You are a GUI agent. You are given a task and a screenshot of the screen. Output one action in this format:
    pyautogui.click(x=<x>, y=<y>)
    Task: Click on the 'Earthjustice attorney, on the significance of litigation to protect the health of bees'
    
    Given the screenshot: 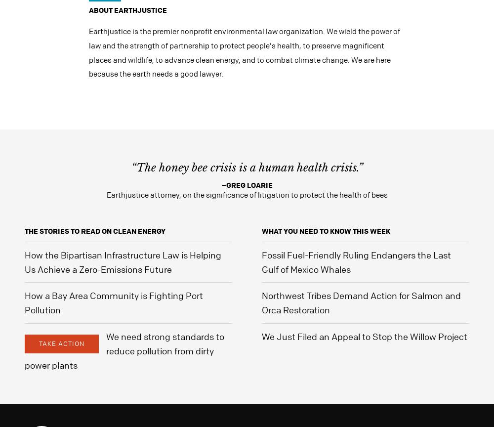 What is the action you would take?
    pyautogui.click(x=246, y=194)
    